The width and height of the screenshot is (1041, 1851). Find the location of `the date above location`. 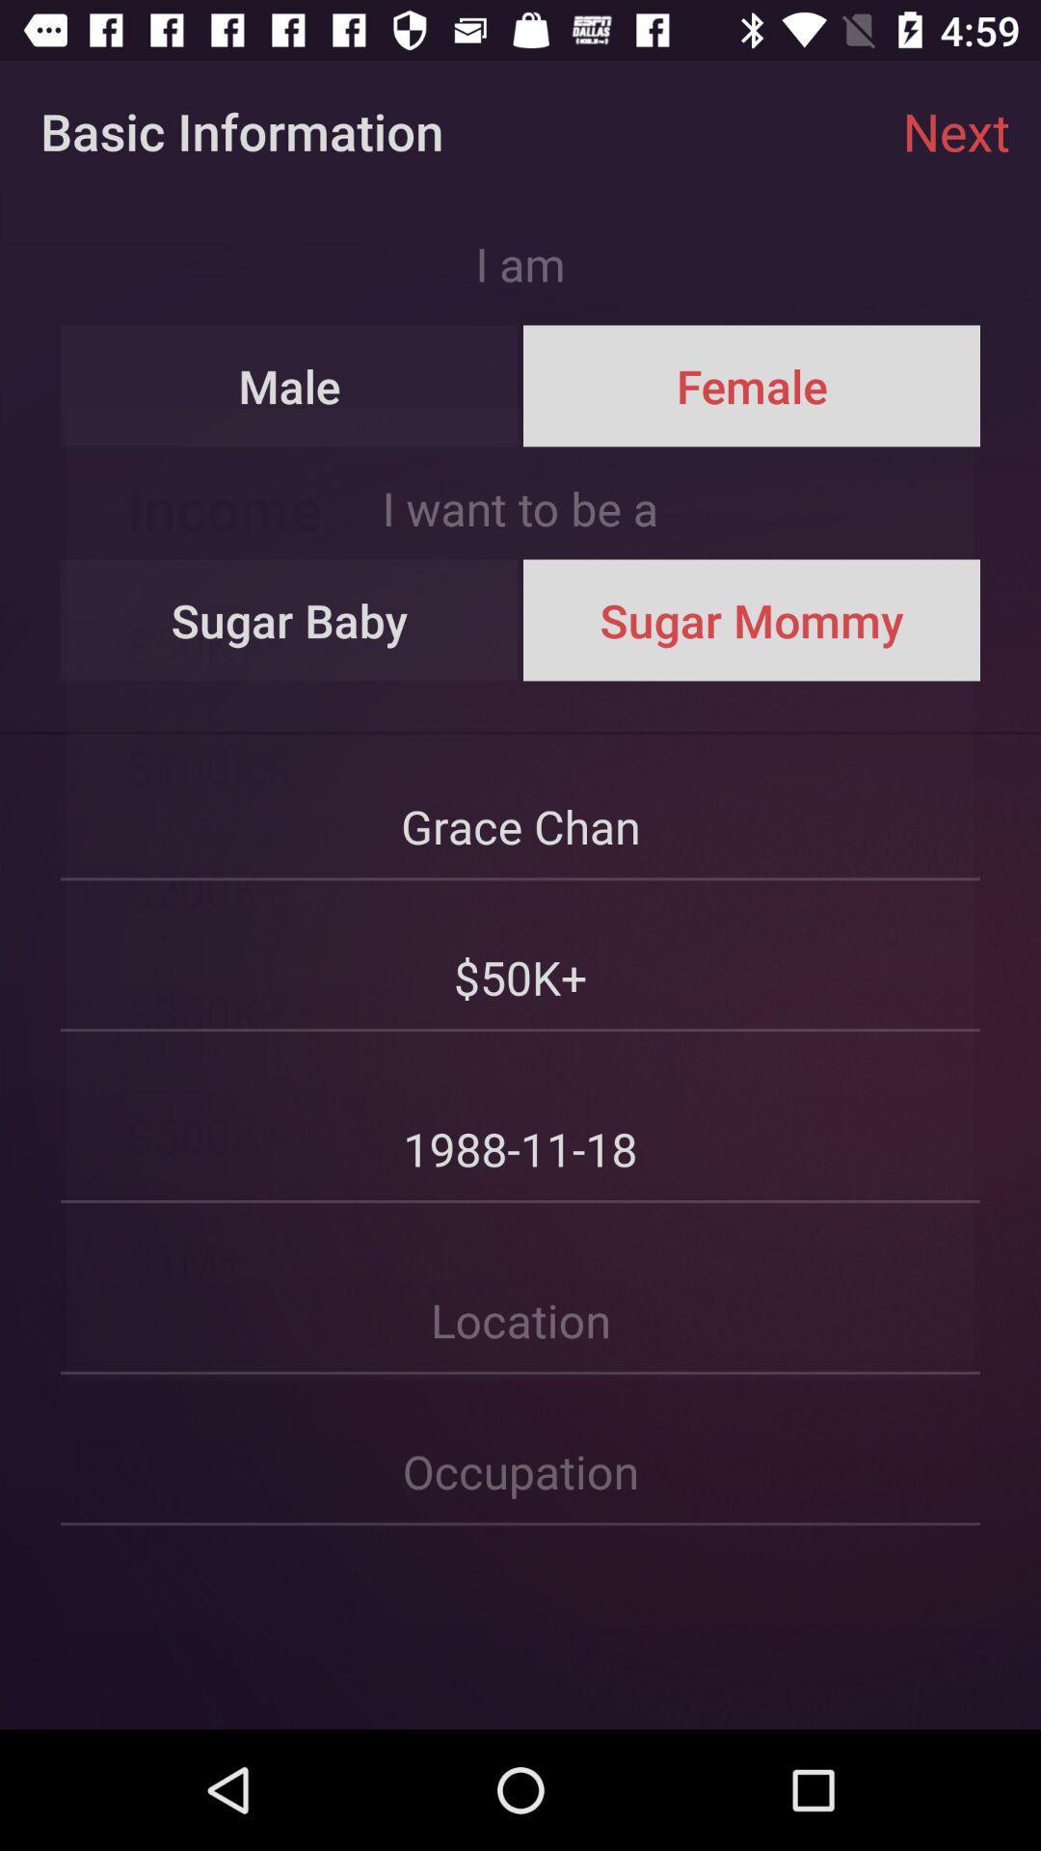

the date above location is located at coordinates (520, 1118).